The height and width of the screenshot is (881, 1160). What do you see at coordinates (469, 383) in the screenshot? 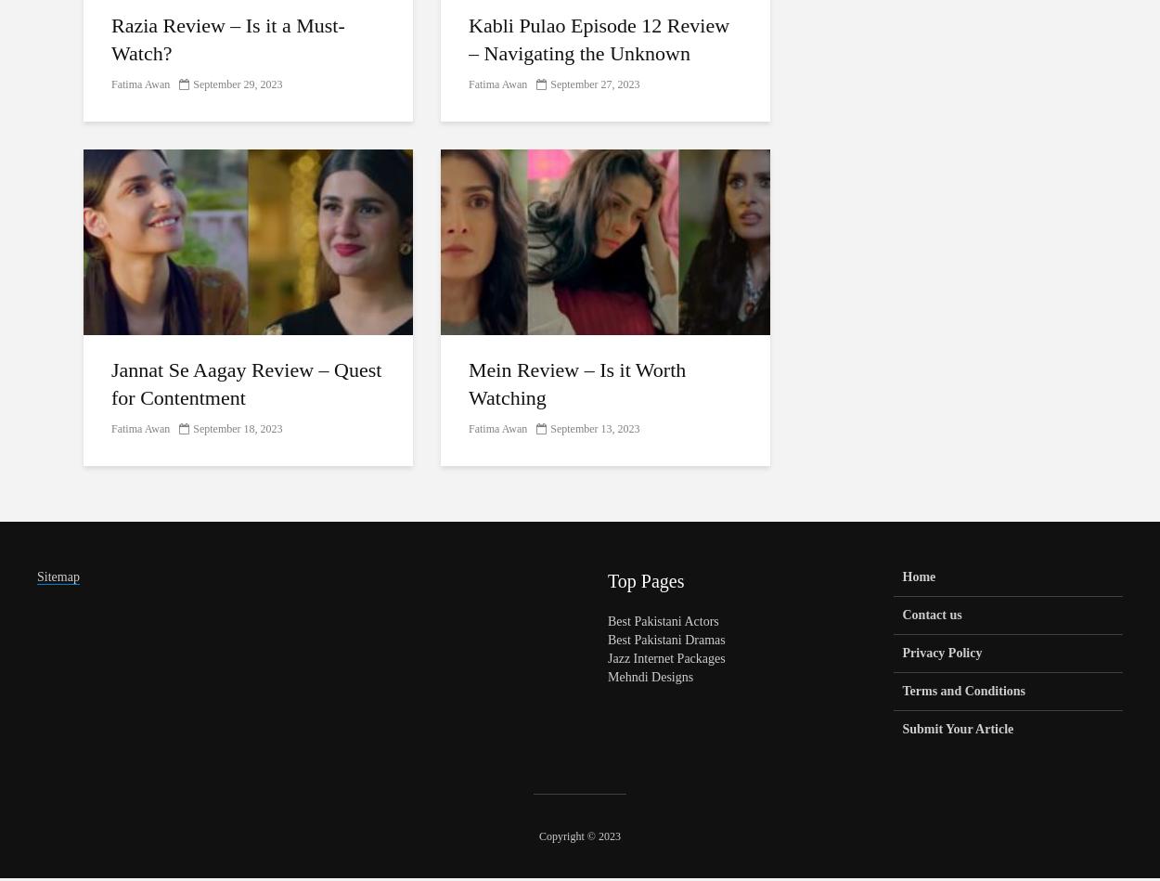
I see `'Mein Review – Is it Worth Watching'` at bounding box center [469, 383].